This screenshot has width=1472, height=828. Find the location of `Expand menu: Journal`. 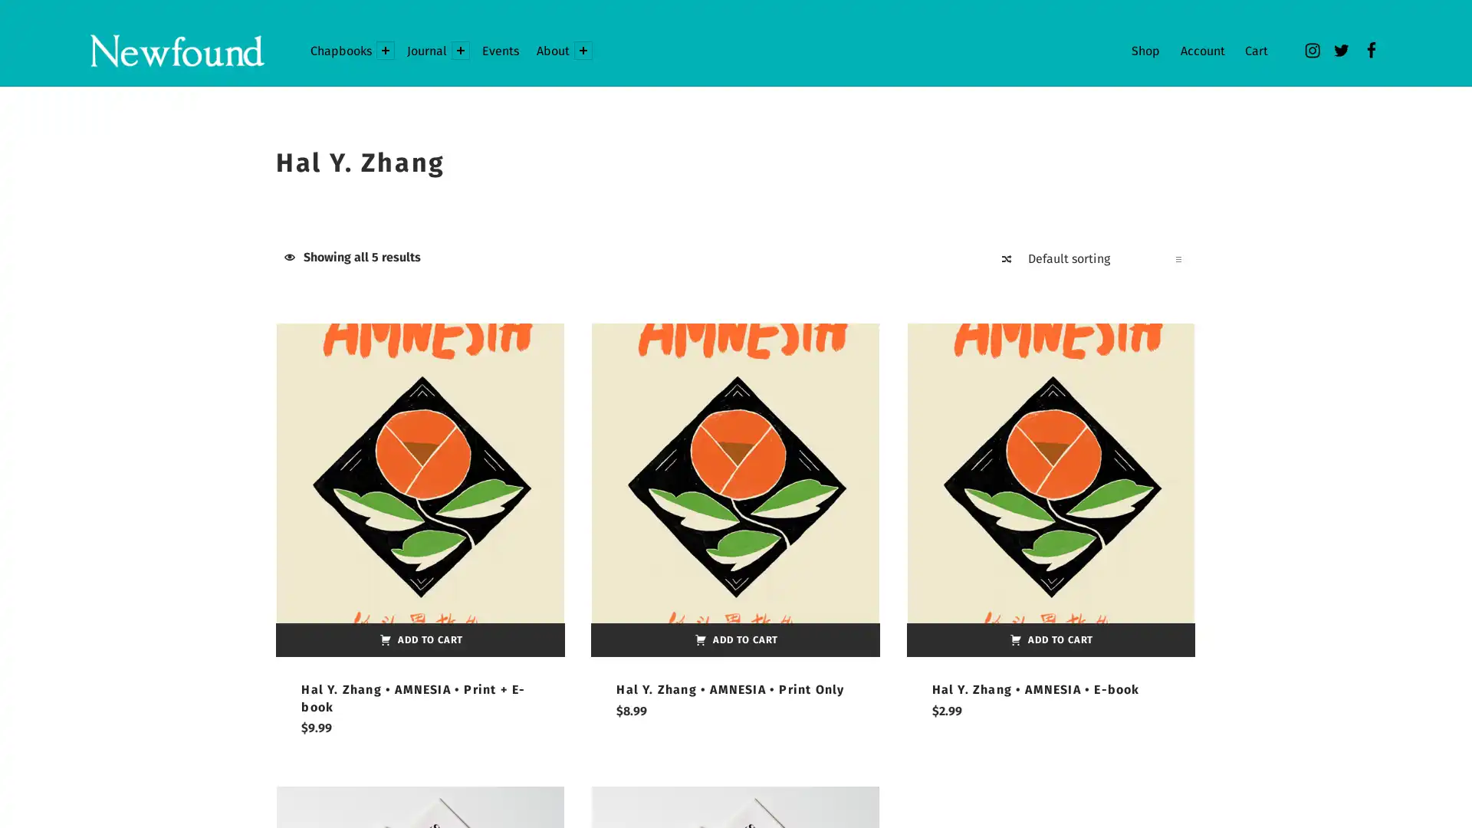

Expand menu: Journal is located at coordinates (459, 49).